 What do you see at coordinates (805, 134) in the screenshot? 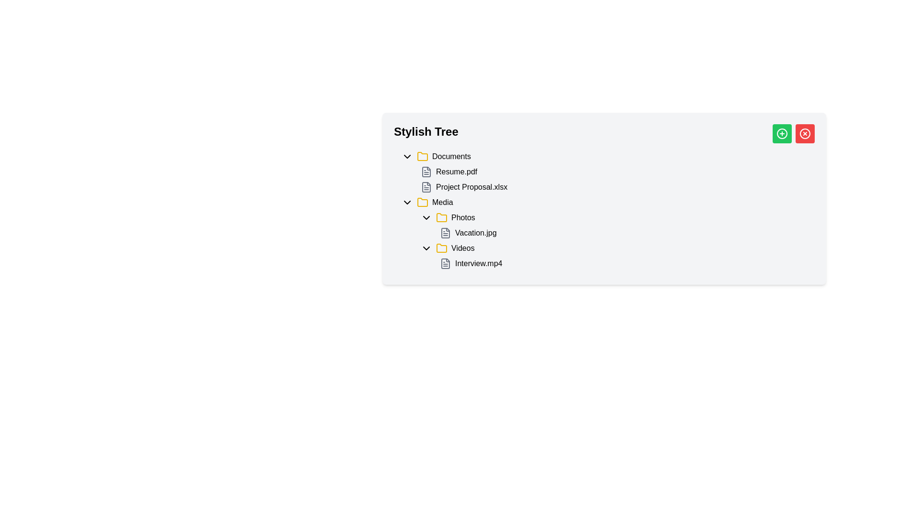
I see `the red button with an 'X' icon located at the top-right corner of the panel` at bounding box center [805, 134].